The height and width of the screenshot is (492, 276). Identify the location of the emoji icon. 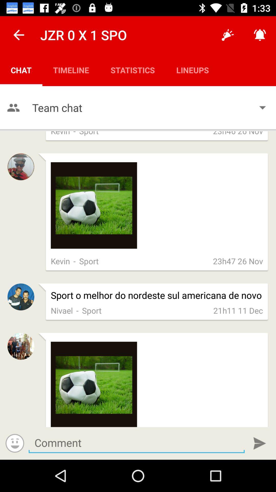
(15, 443).